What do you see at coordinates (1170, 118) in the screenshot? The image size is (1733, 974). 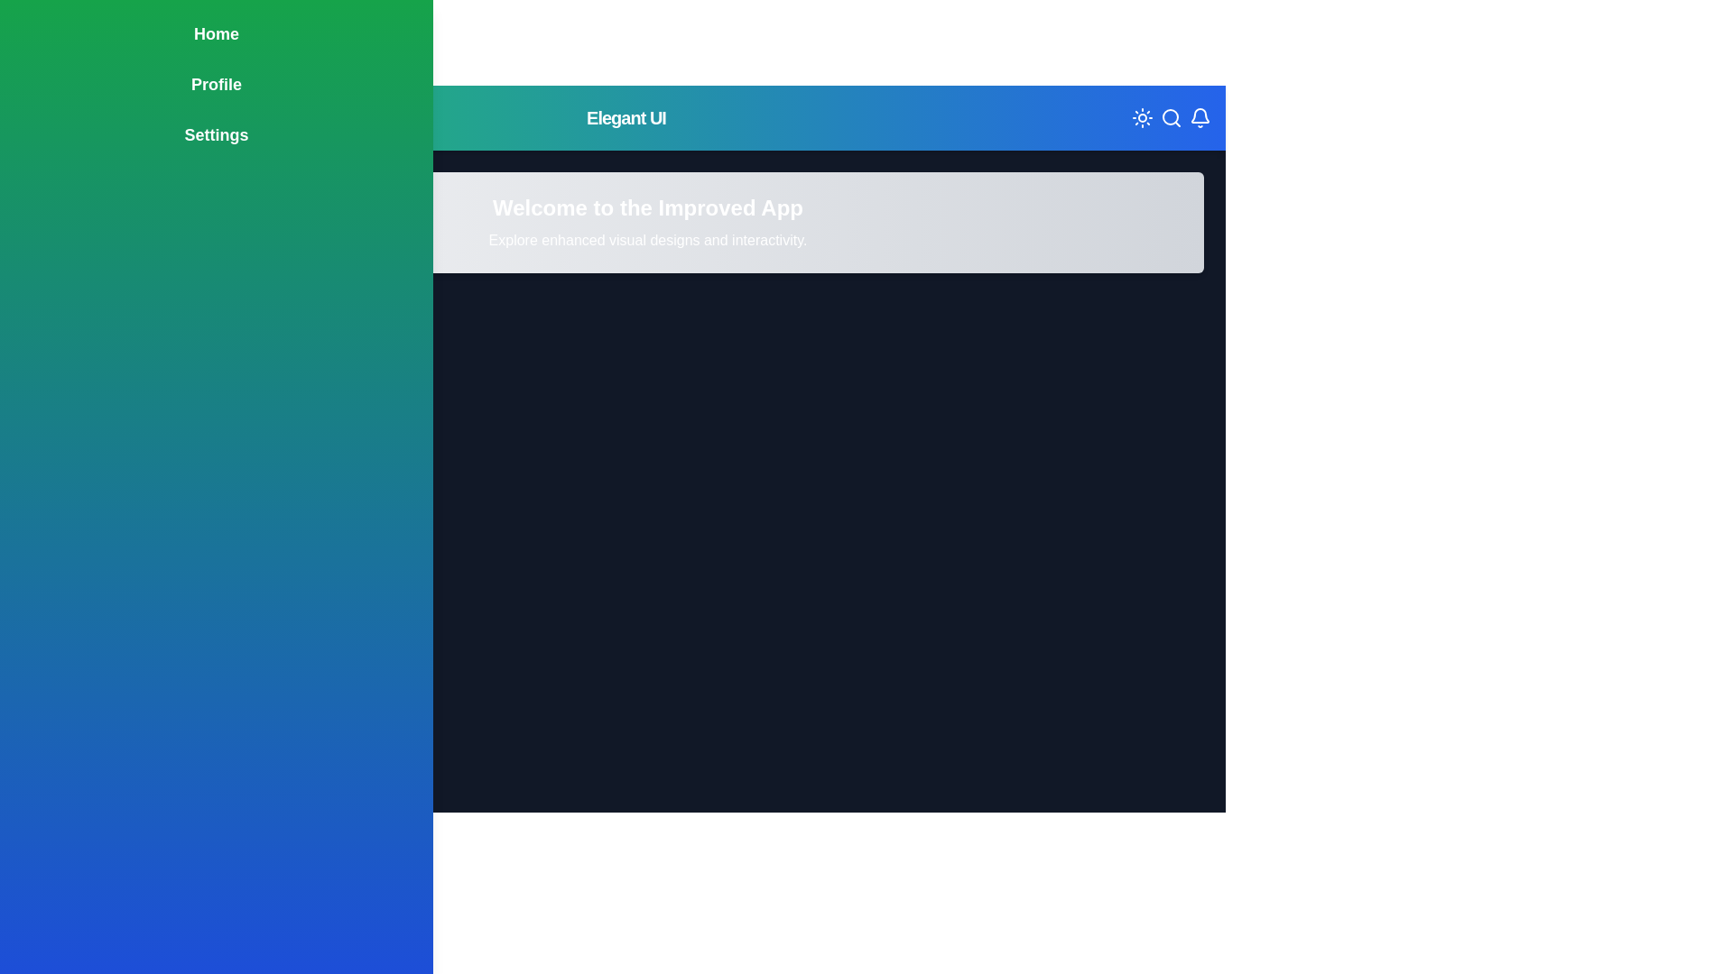 I see `the search icon to initiate a search action` at bounding box center [1170, 118].